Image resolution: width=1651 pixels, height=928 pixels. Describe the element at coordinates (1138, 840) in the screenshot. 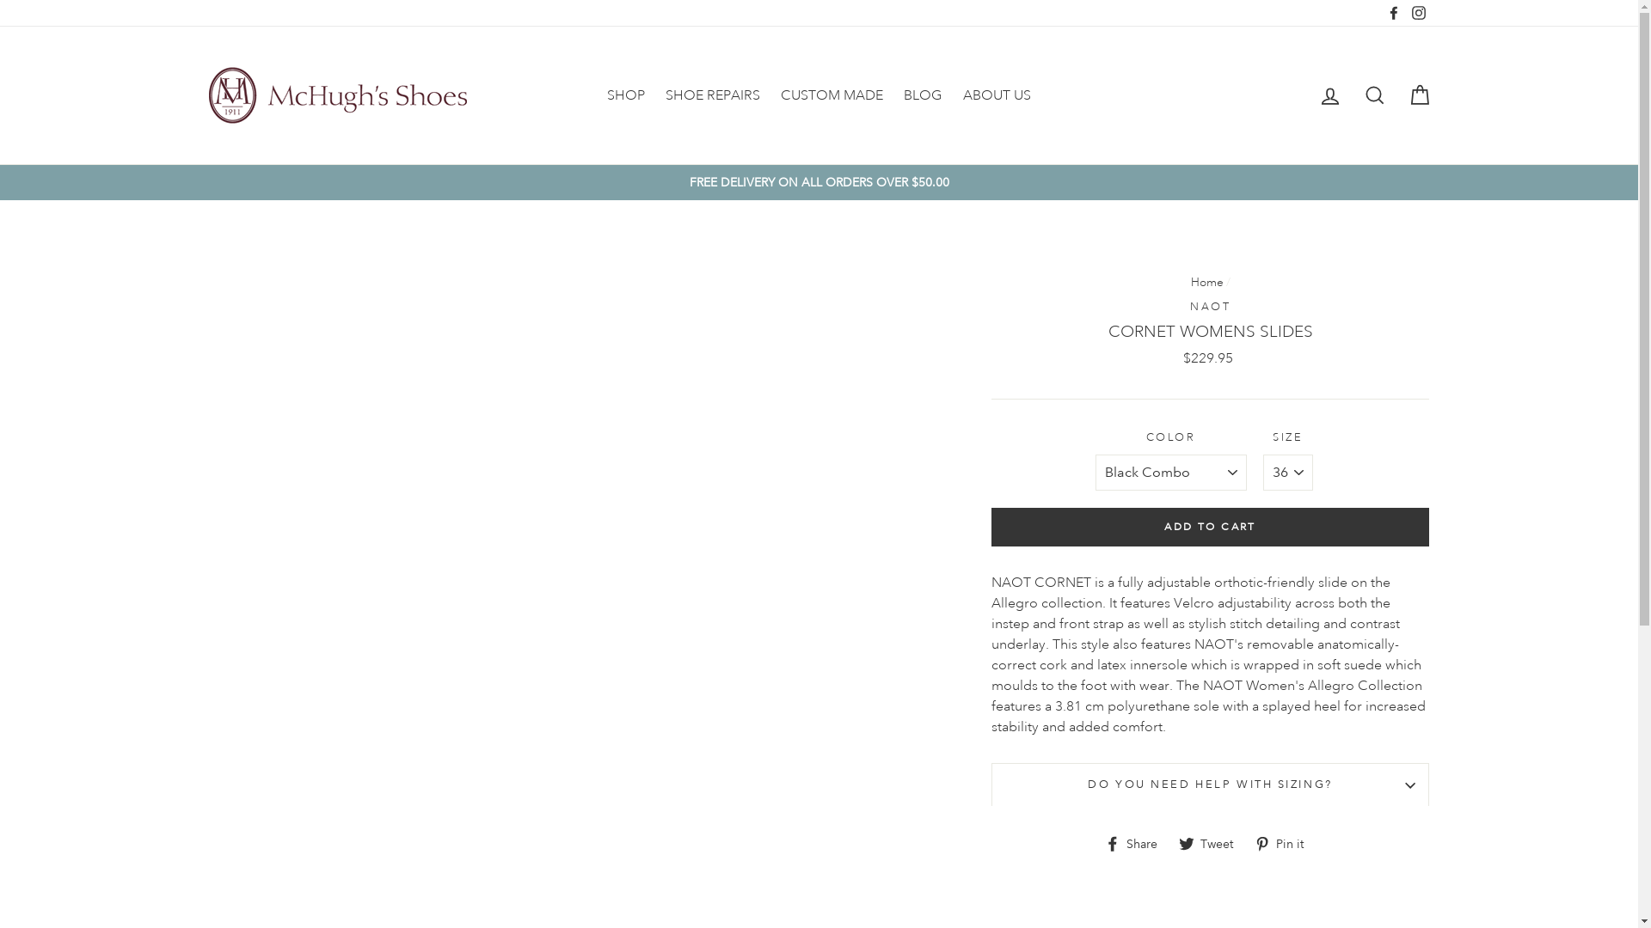

I see `'Share` at that location.